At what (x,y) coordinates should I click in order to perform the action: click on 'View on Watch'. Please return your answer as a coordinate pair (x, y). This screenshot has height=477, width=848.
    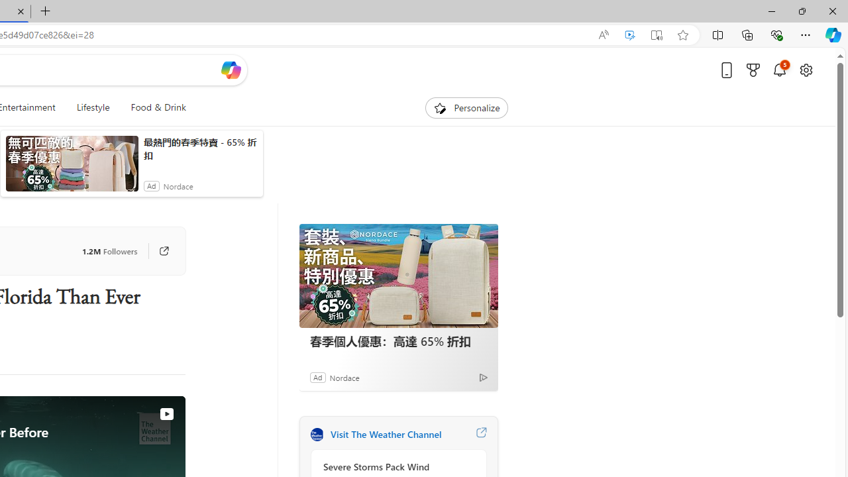
    Looking at the image, I should click on (166, 413).